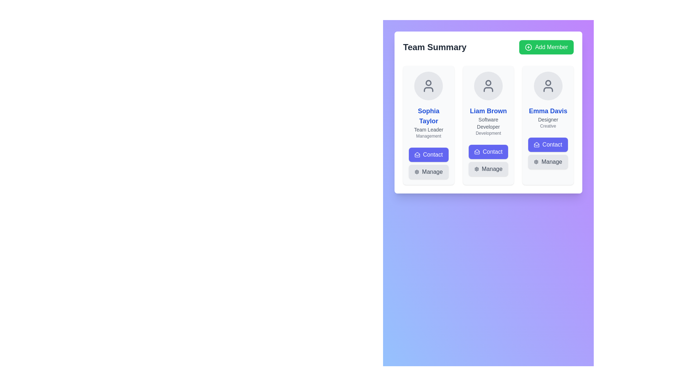 Image resolution: width=688 pixels, height=387 pixels. Describe the element at coordinates (417, 172) in the screenshot. I see `the cogwheel icon located centrally within a card layout, positioned beneath the 'Add Member' button and above the user profiles grid` at that location.